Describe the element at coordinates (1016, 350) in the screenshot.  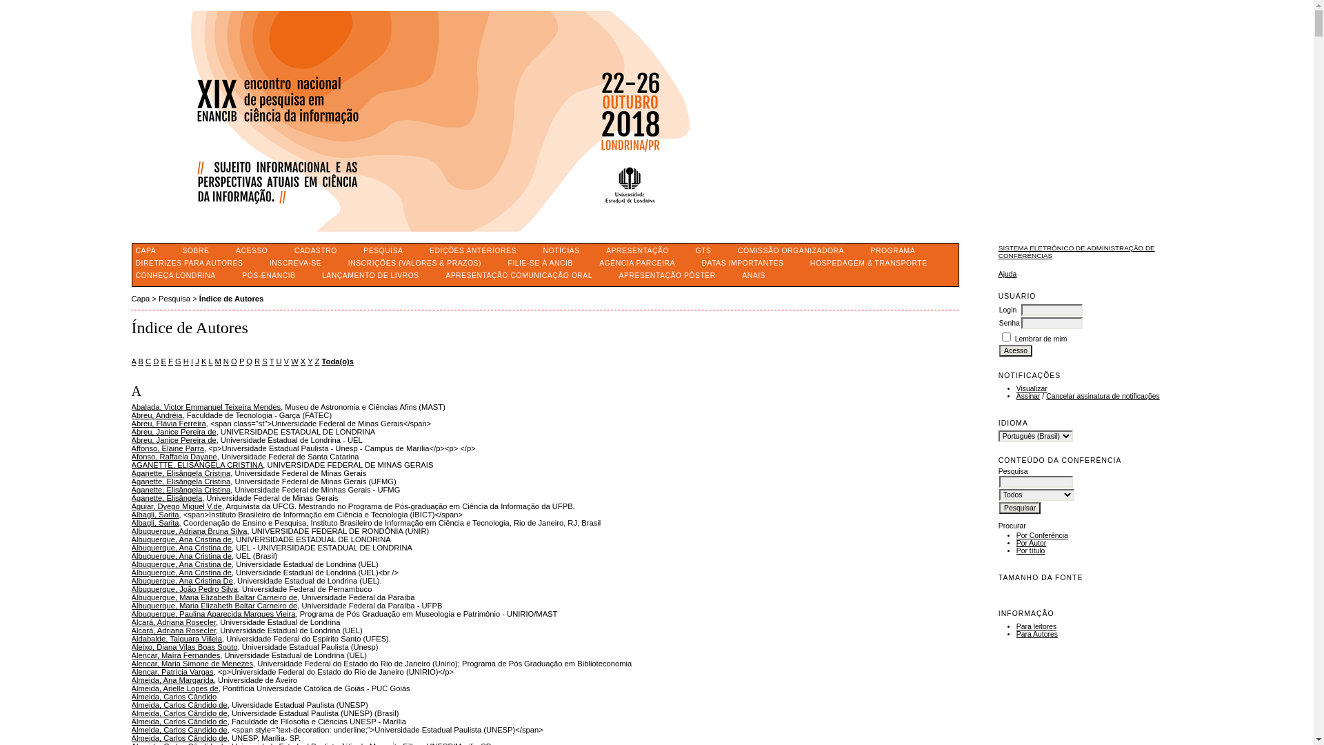
I see `'Acesso'` at that location.